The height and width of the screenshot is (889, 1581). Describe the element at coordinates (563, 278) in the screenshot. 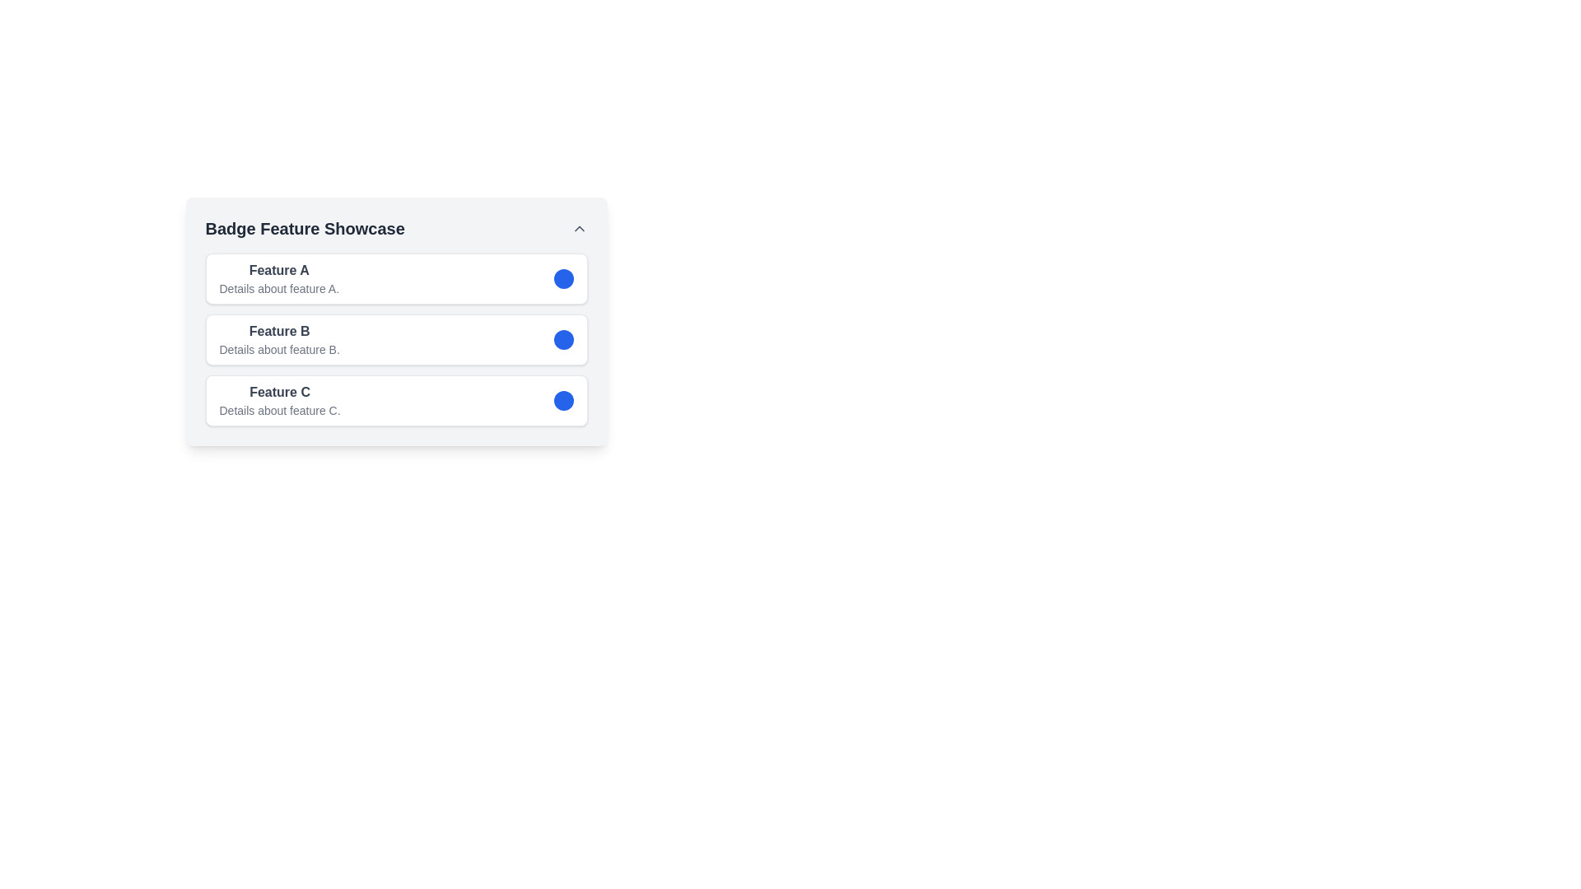

I see `the 'Active' status indicator badge located at the far right of the row labeled 'Feature A' within the top third of a card listing` at that location.